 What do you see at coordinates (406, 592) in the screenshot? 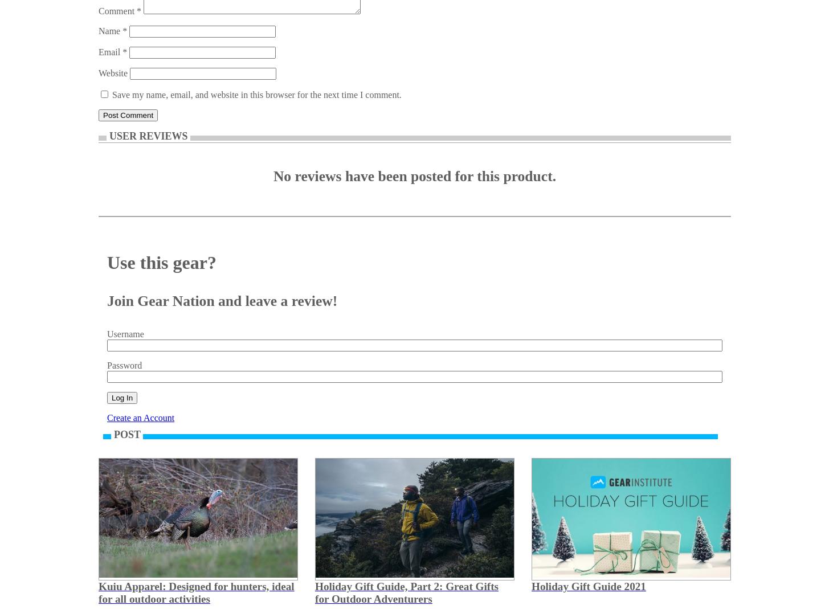
I see `'Holiday Gift Guide, Part 2: Great Gifts for Outdoor Adventurers'` at bounding box center [406, 592].